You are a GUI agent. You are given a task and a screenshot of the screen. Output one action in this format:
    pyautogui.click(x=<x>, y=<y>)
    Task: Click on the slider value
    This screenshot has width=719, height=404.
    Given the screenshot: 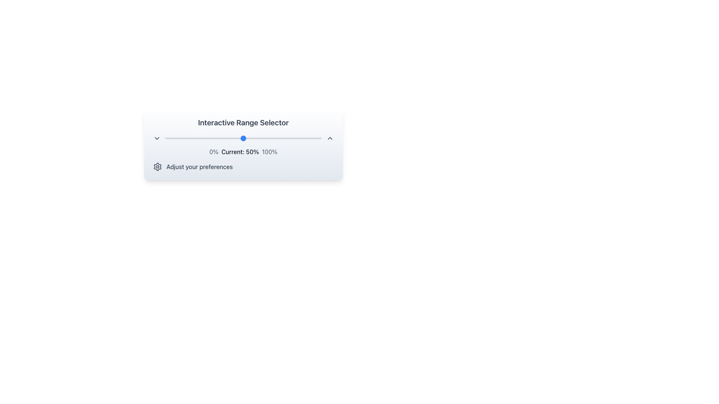 What is the action you would take?
    pyautogui.click(x=274, y=138)
    